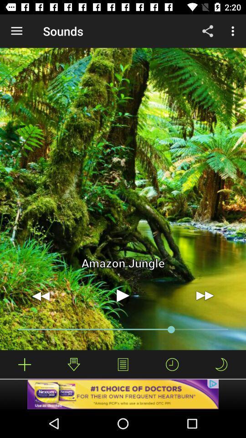  What do you see at coordinates (73, 364) in the screenshot?
I see `the download icon` at bounding box center [73, 364].